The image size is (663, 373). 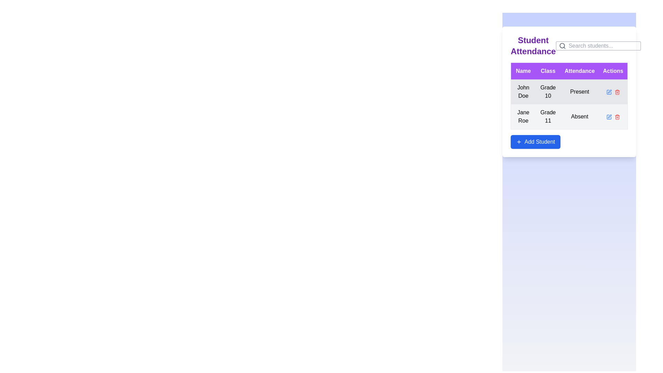 What do you see at coordinates (569, 142) in the screenshot?
I see `the button located at the bottom of the student attendance table to initiate adding a new student entry` at bounding box center [569, 142].